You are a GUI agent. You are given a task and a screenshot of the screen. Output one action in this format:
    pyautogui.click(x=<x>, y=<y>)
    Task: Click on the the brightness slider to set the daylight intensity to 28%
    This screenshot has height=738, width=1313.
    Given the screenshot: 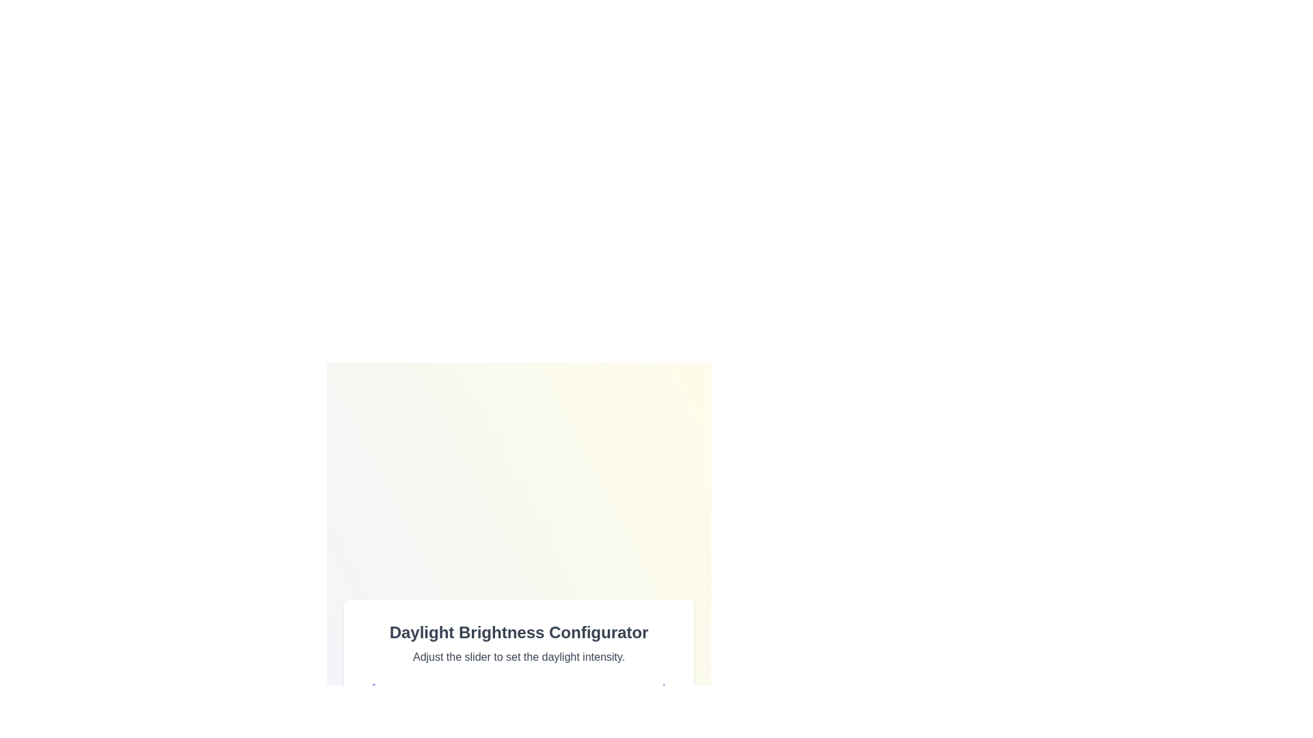 What is the action you would take?
    pyautogui.click(x=451, y=721)
    